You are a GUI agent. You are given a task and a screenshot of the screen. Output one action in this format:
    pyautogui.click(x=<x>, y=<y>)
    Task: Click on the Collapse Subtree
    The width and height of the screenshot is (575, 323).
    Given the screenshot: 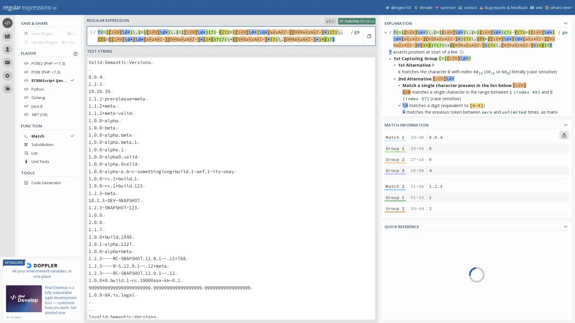 What is the action you would take?
    pyautogui.click(x=400, y=179)
    